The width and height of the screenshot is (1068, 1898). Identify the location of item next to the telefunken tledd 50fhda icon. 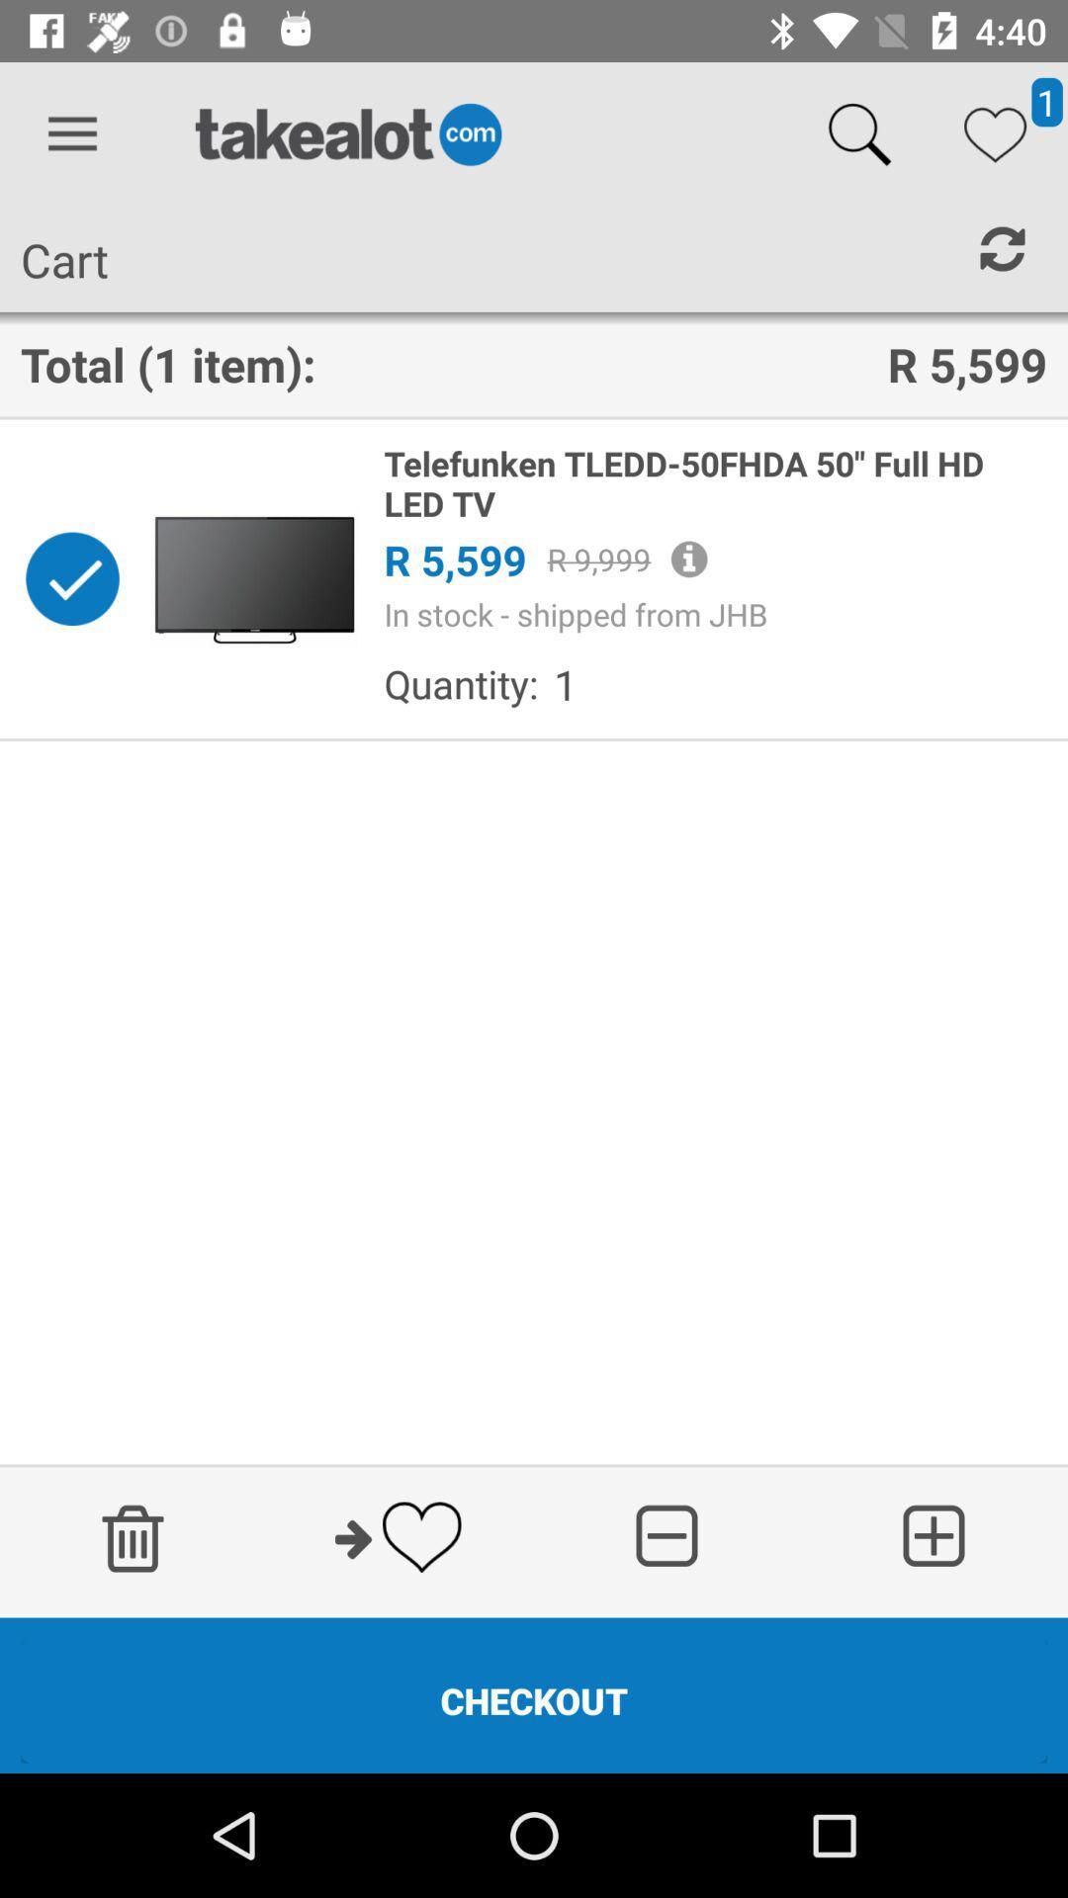
(253, 577).